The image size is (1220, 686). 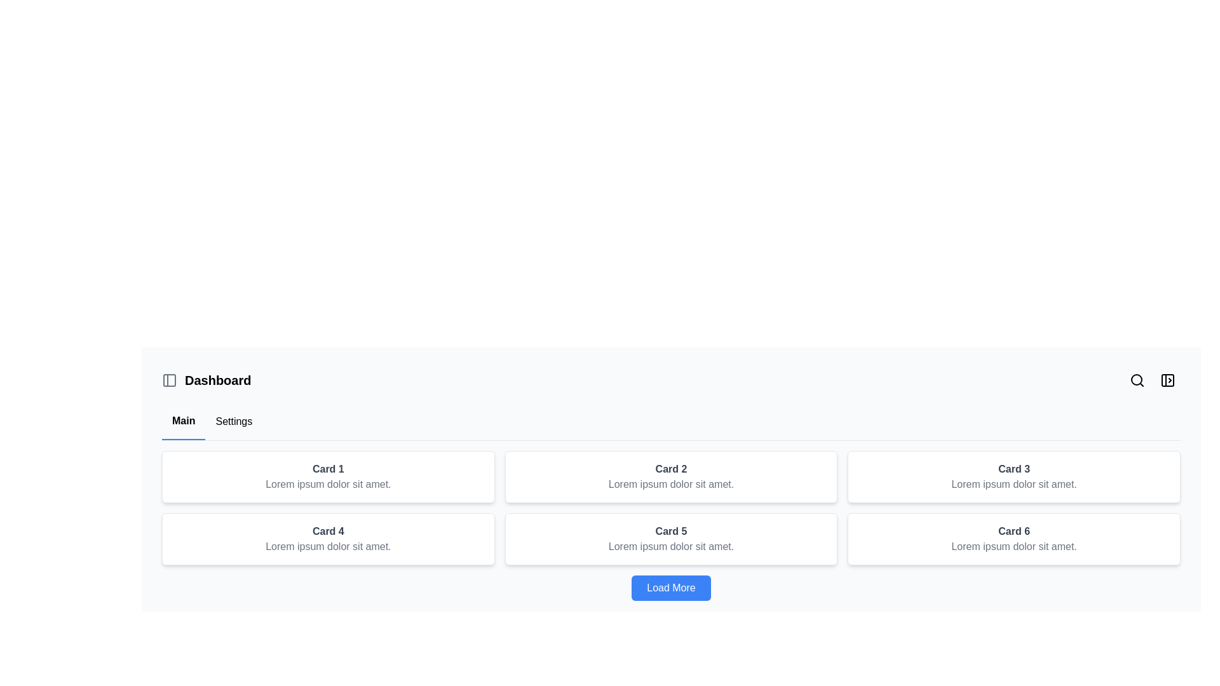 I want to click on the Navigational Label that includes an icon resembling a panel and the text 'Dashboard' in bold for potential tooltips, so click(x=207, y=379).